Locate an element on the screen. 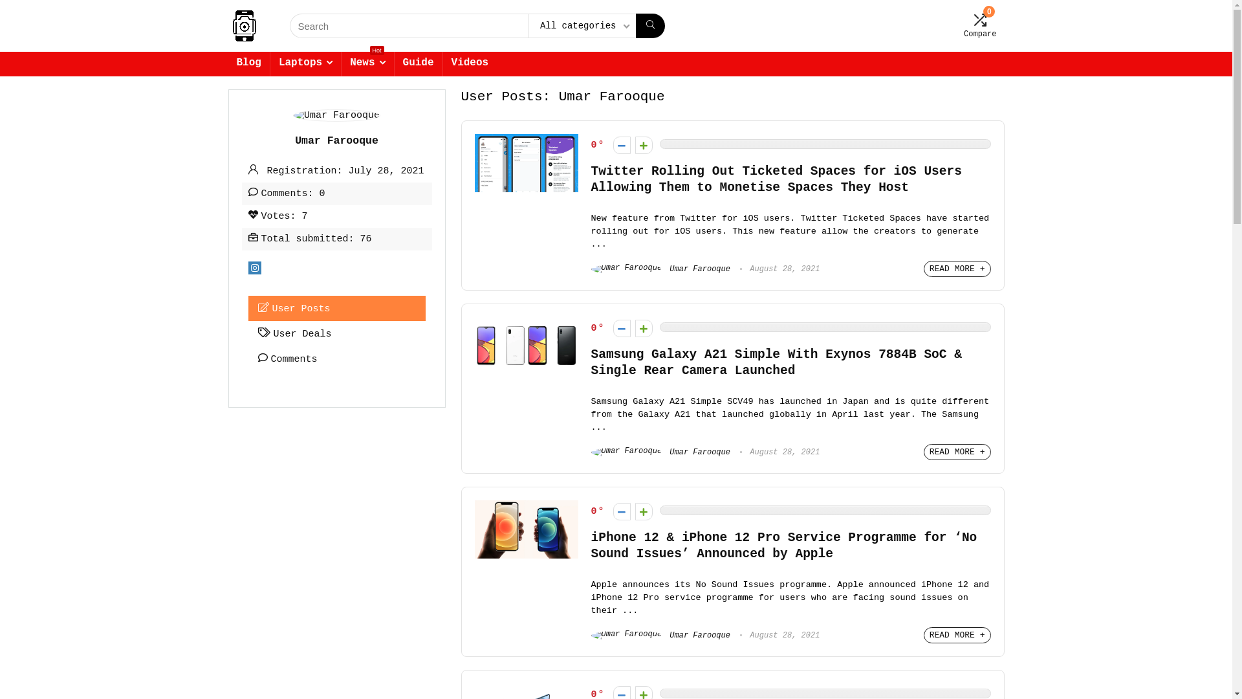 Image resolution: width=1242 pixels, height=699 pixels. 'User Posts' is located at coordinates (337, 308).